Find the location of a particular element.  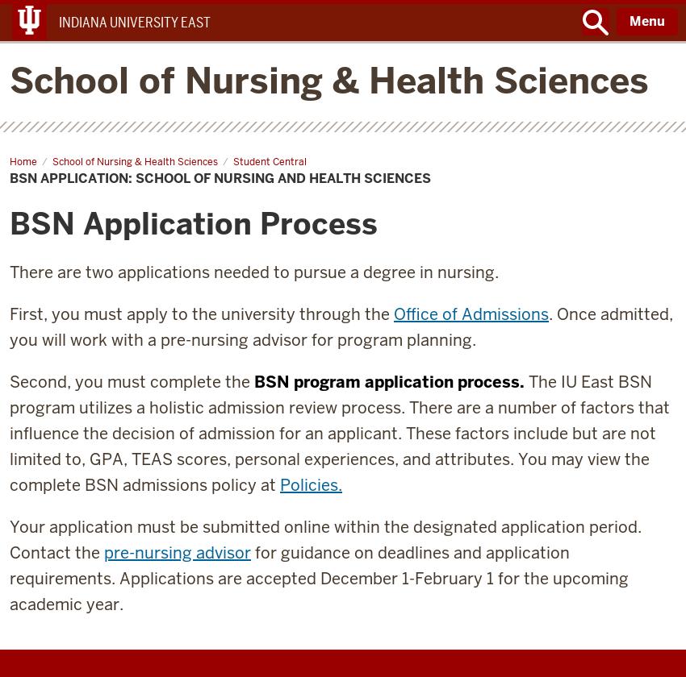

'There are two applications needed to pursue a degree in nursing.' is located at coordinates (254, 272).